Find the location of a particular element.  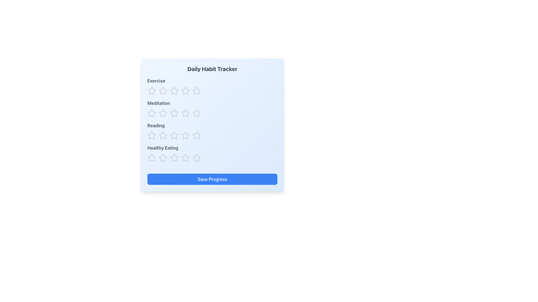

the second star in the star rating icon for the 'Reading' habit is located at coordinates (185, 135).